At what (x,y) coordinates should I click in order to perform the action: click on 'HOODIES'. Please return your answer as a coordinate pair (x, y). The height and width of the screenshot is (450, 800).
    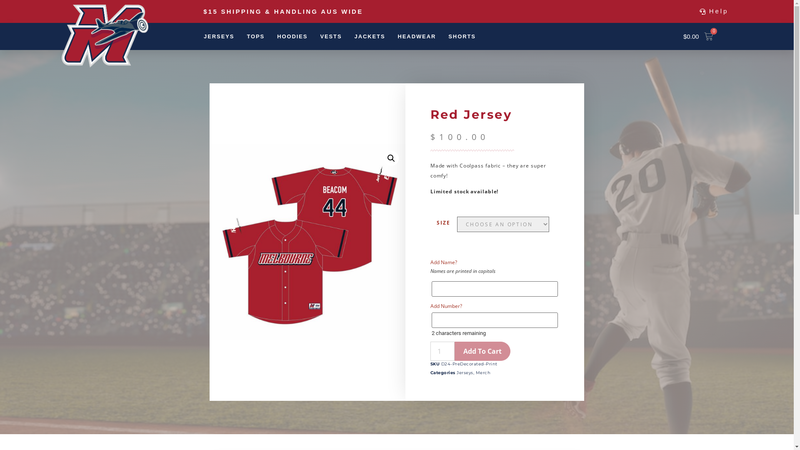
    Looking at the image, I should click on (292, 36).